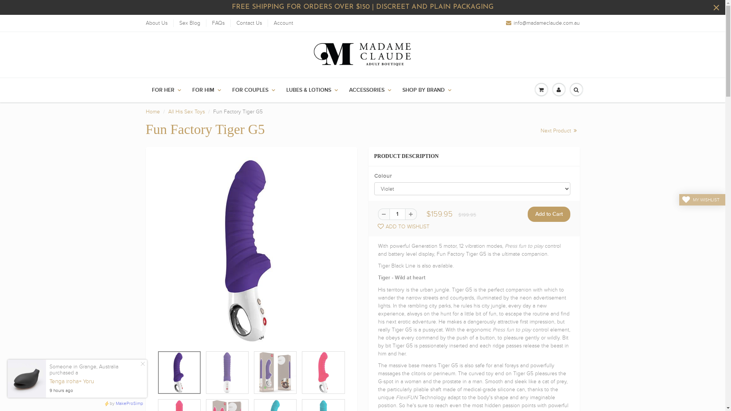  I want to click on 'Add to Cart', so click(549, 214).